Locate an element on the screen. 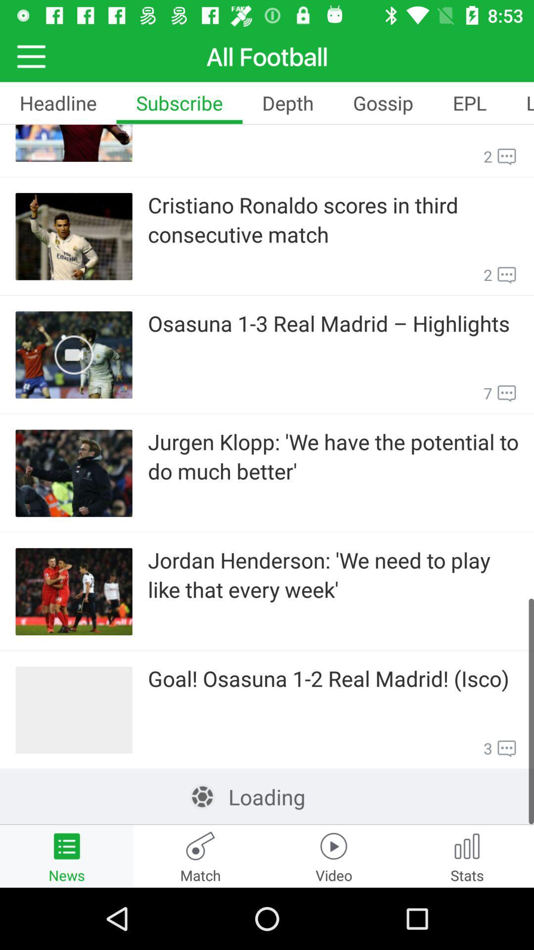 The image size is (534, 950). second option image from bottom of the list is located at coordinates (74, 591).